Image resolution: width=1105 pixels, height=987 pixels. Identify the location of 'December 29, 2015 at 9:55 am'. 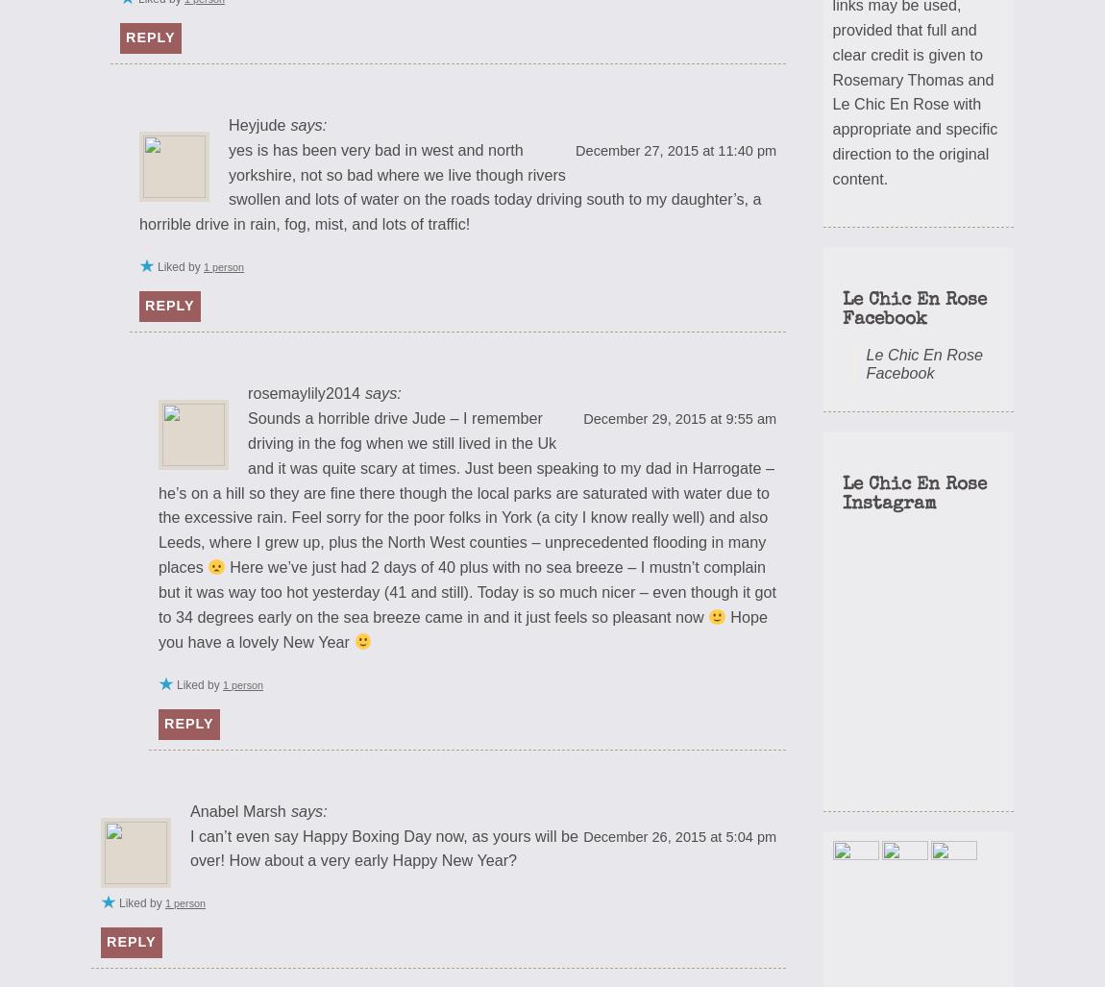
(678, 417).